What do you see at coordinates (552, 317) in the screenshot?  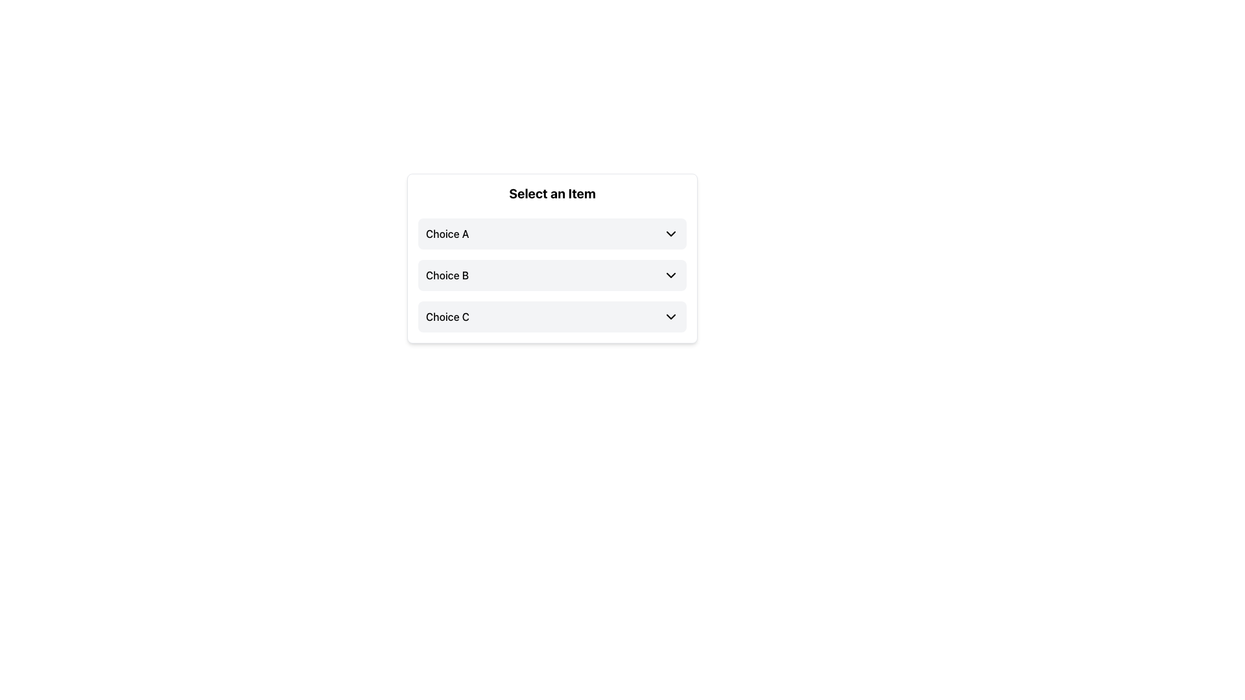 I see `the chevron icon of the 'Choice C' dropdown menu item to reveal additional options` at bounding box center [552, 317].